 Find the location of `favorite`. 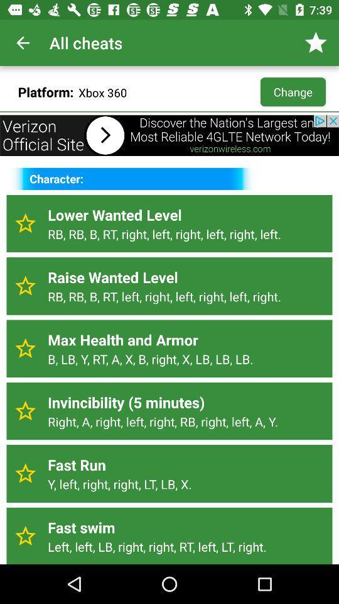

favorite is located at coordinates (25, 223).